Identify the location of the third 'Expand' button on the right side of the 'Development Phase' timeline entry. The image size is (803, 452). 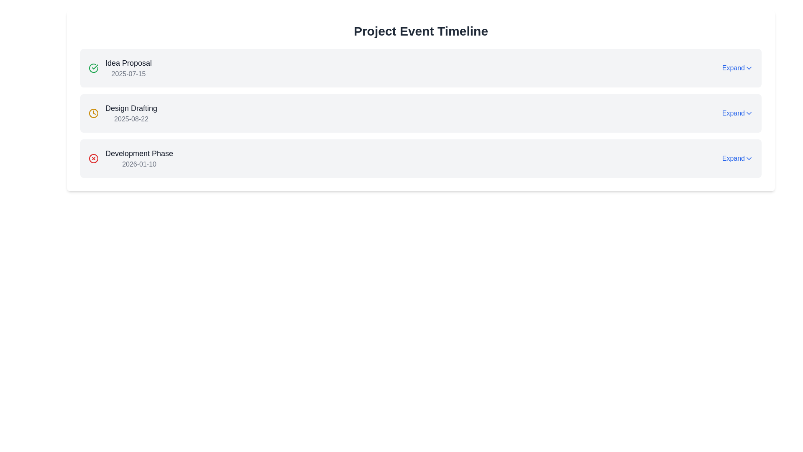
(737, 158).